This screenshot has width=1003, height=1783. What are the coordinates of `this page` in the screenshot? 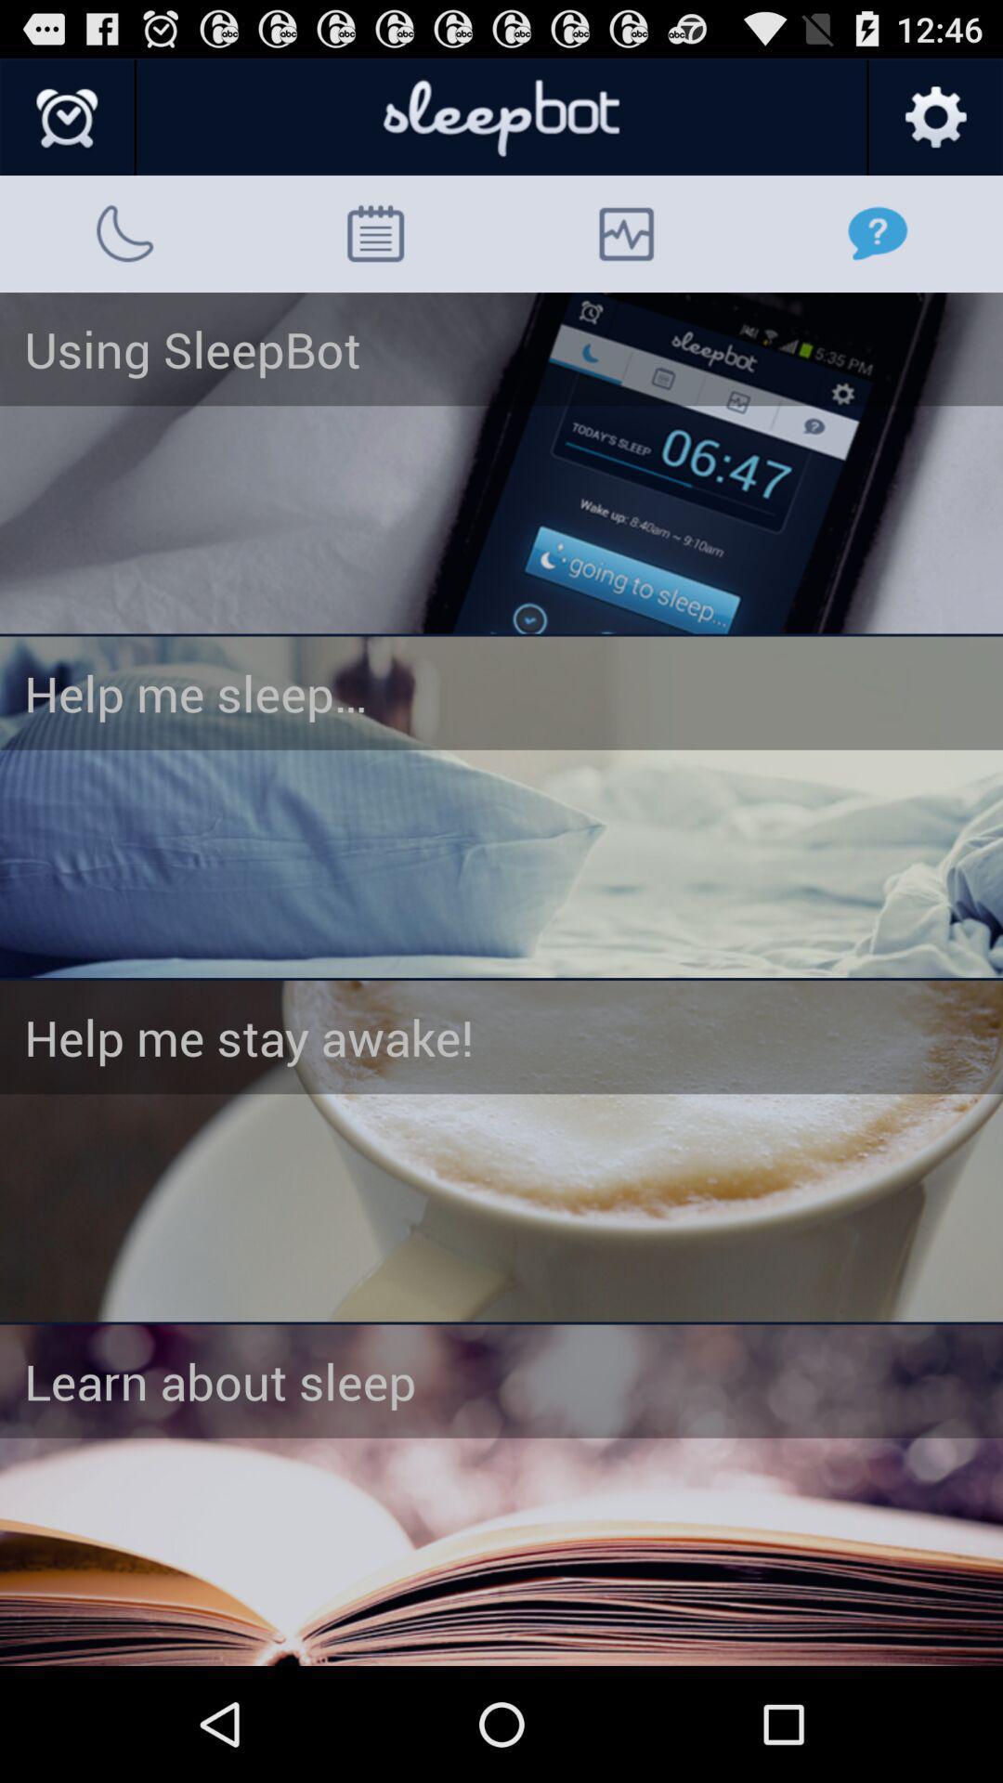 It's located at (501, 1150).